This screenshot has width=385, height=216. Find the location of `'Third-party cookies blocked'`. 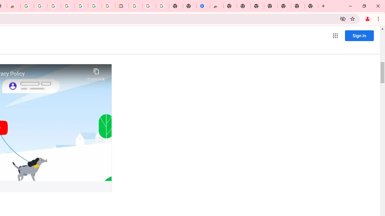

'Third-party cookies blocked' is located at coordinates (343, 18).